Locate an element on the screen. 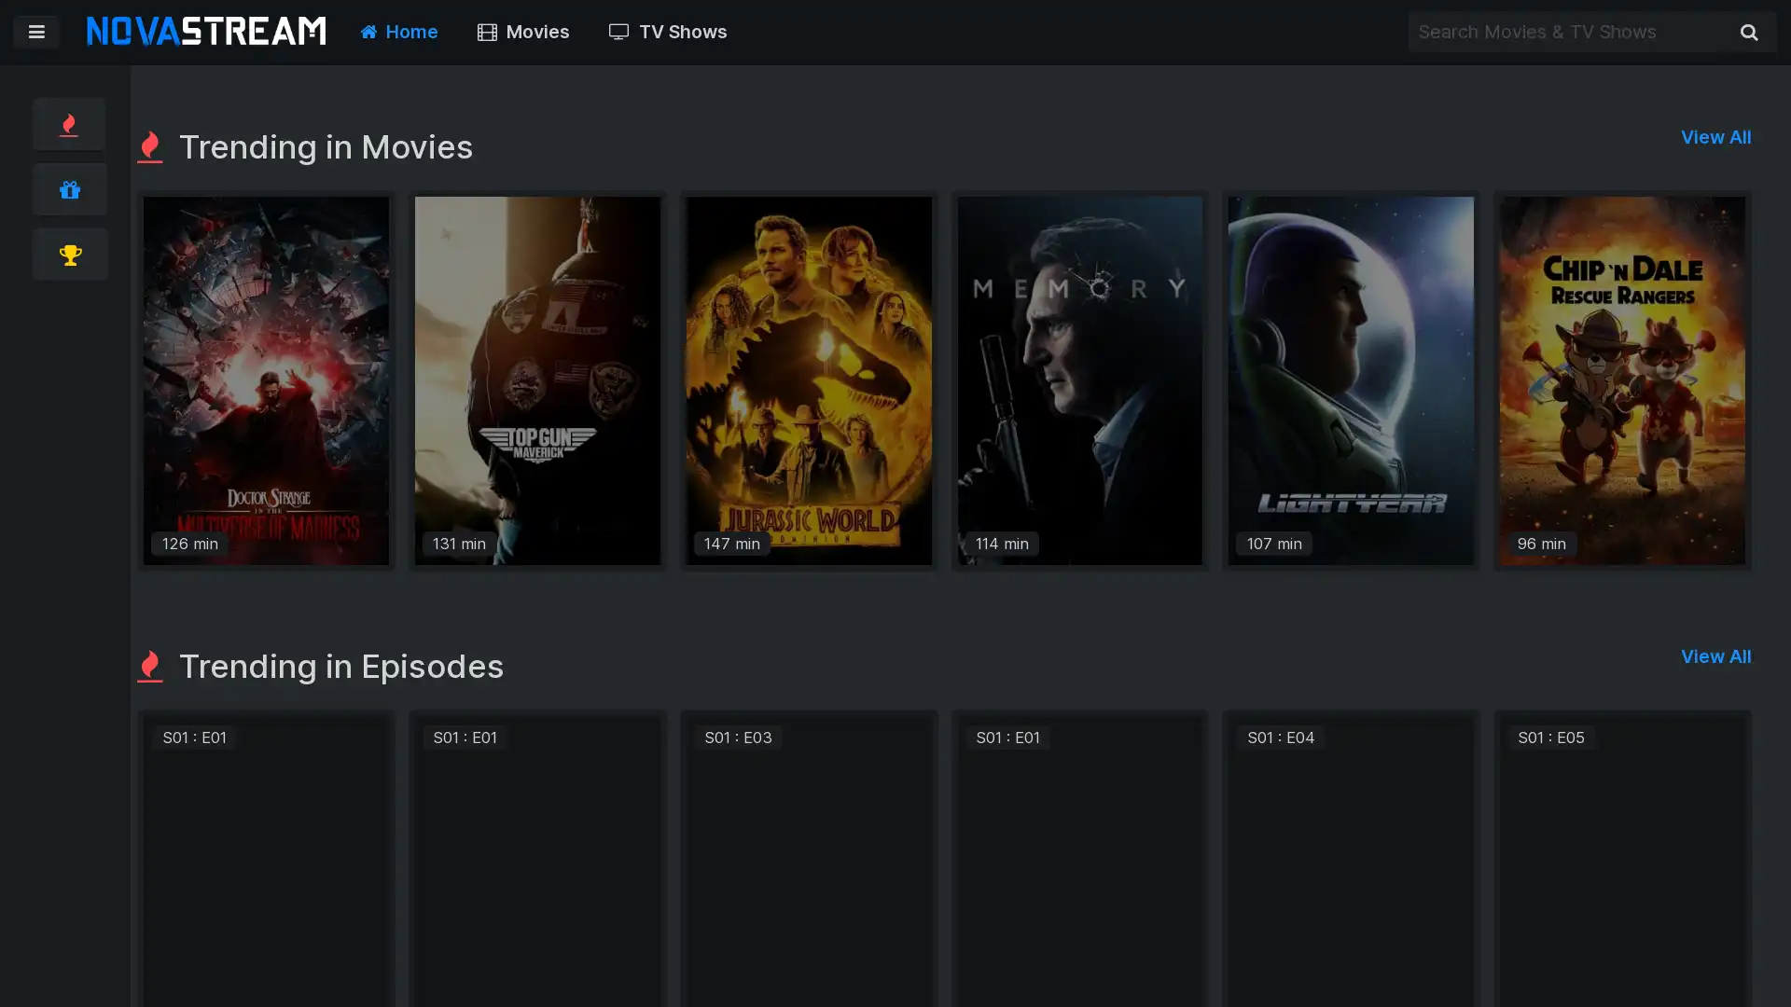  View All is located at coordinates (1715, 135).